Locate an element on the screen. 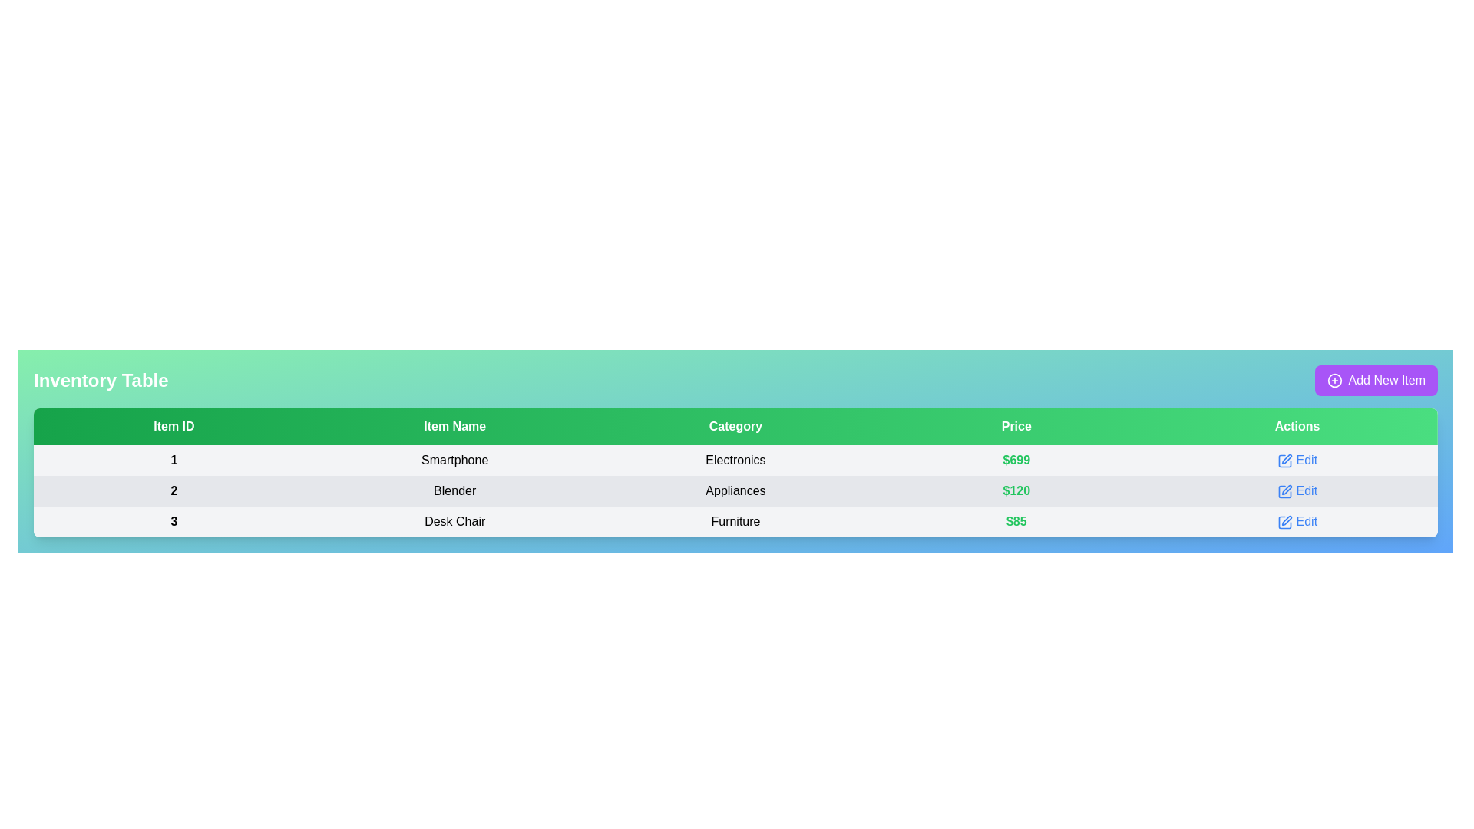  text content of the 'Inventory Table' label which is styled in bold, large white font on a light green background is located at coordinates (100, 380).